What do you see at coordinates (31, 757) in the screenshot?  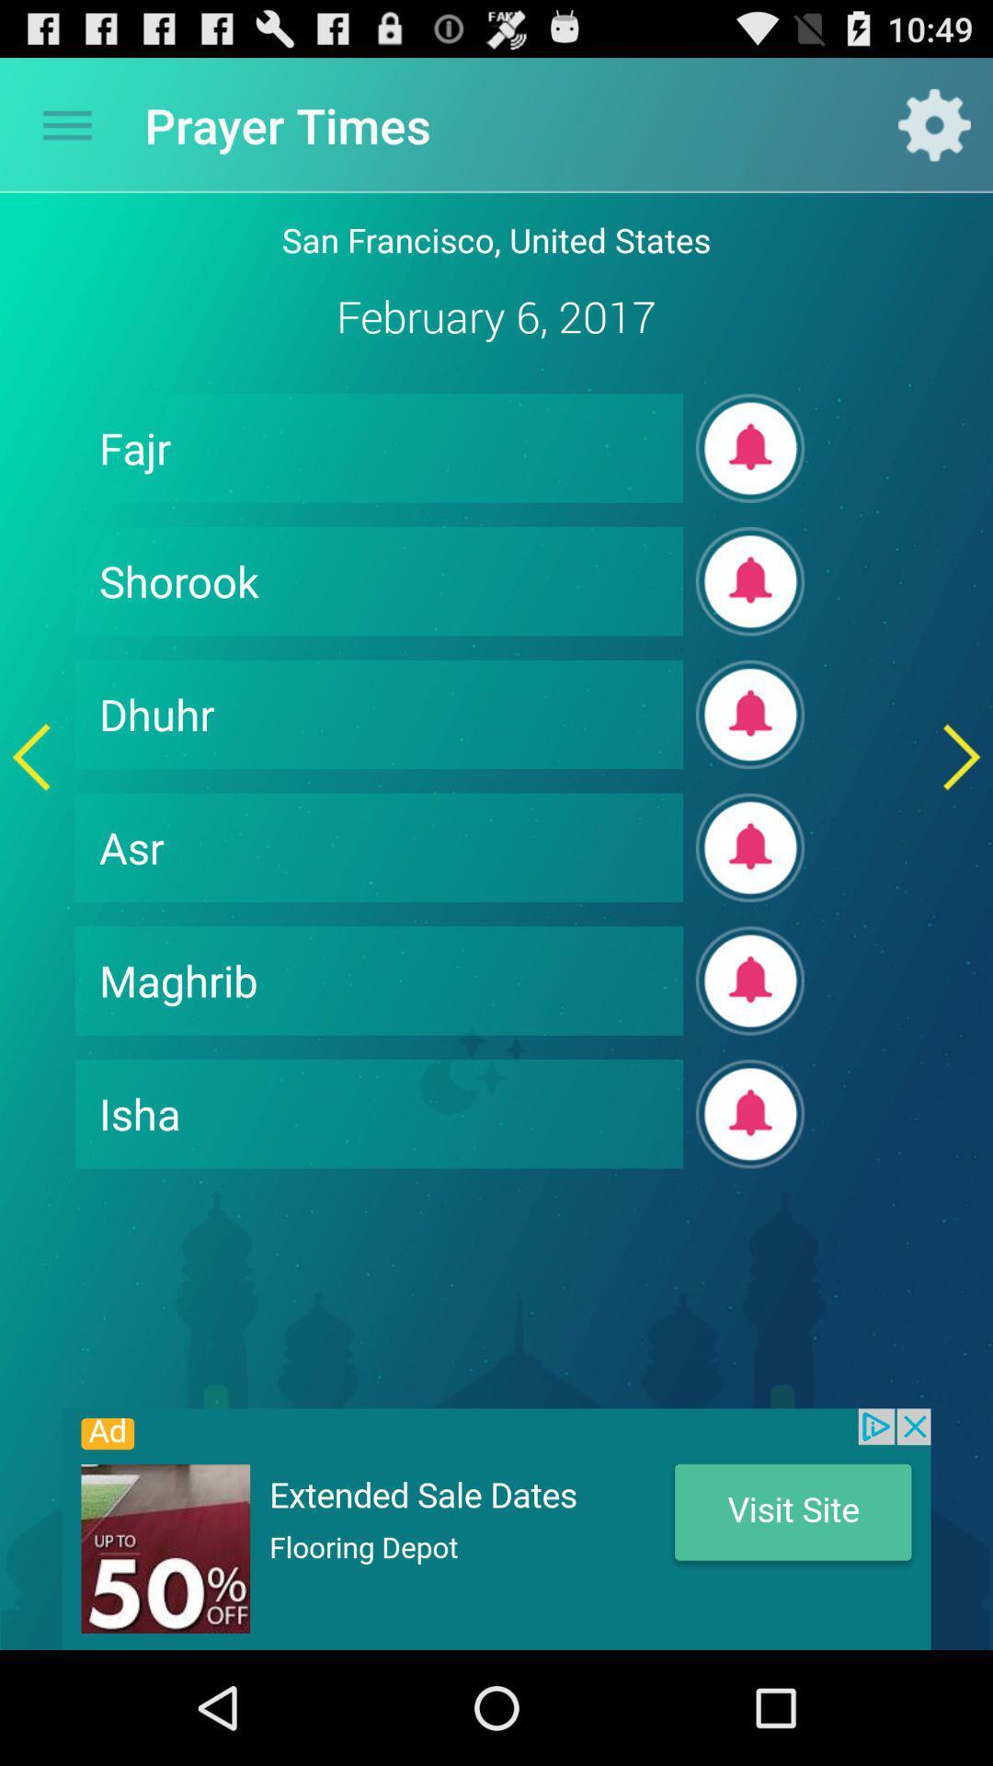 I see `go back` at bounding box center [31, 757].